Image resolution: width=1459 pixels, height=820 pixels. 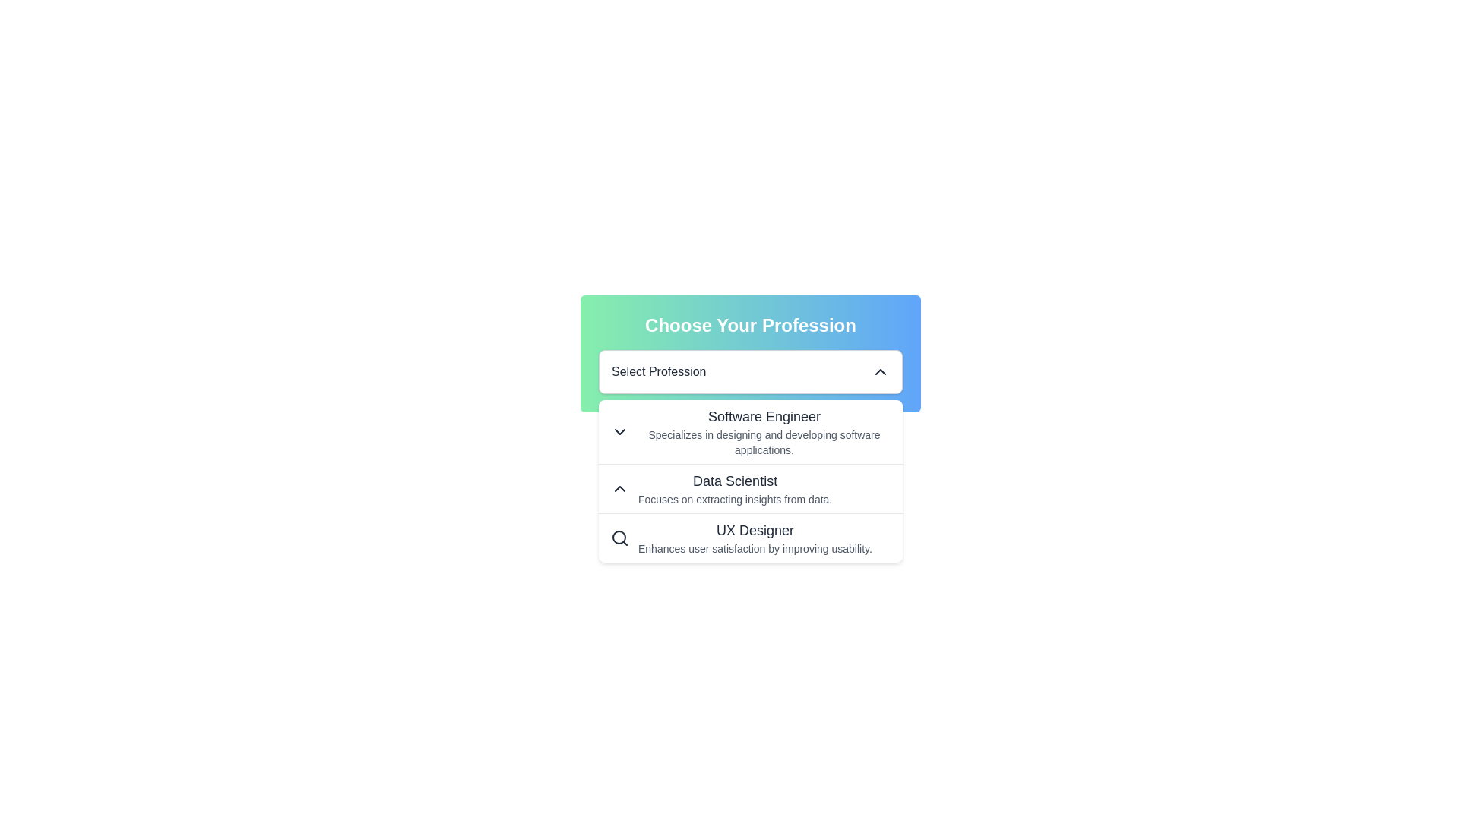 I want to click on the magnifying glass icon representing the search functionality for the 'UX Designer' option in the 'Choose Your Profession' dropdown, so click(x=620, y=538).